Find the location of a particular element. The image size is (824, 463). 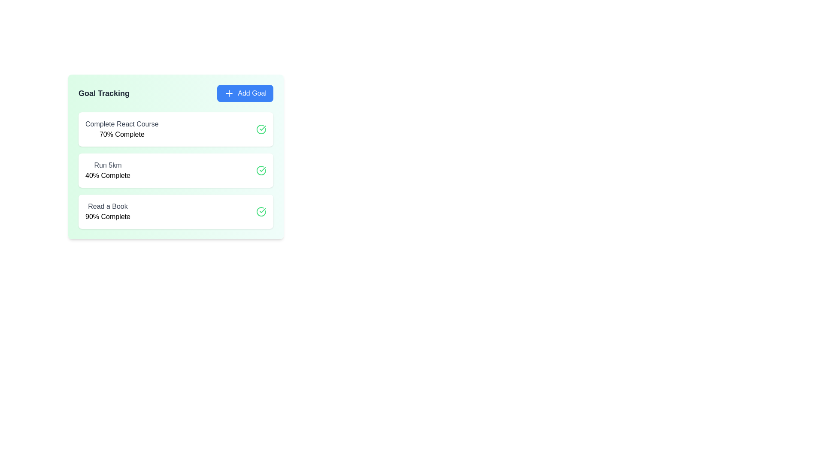

the text display that shows the progress percentage of the associated task, positioned below 'Run 5km' is located at coordinates (107, 175).